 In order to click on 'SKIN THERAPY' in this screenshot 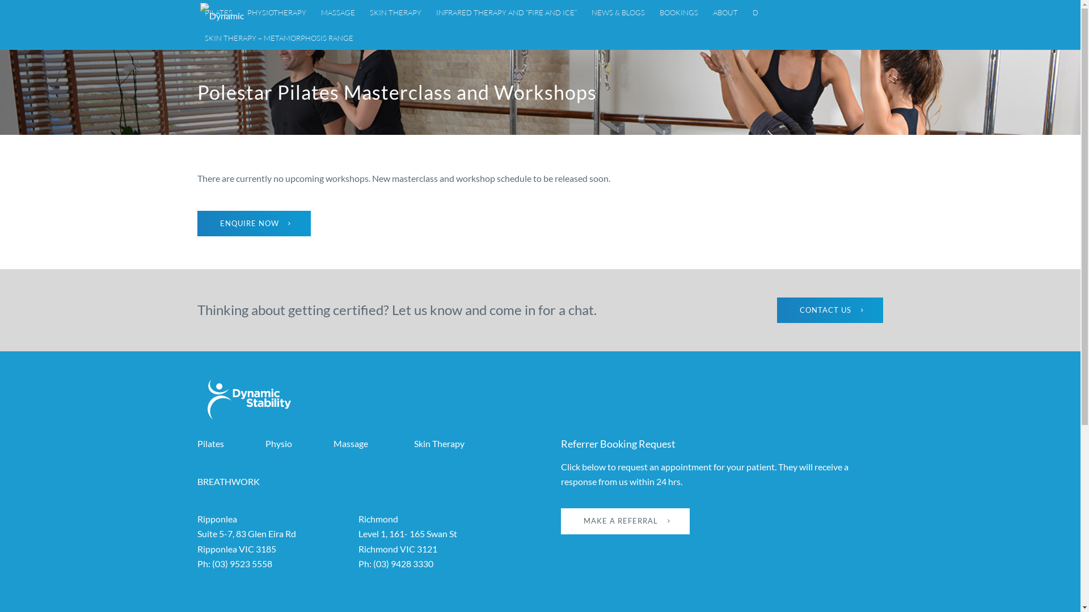, I will do `click(395, 12)`.